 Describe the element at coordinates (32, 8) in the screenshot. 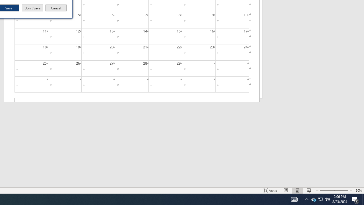

I see `'Don'` at that location.